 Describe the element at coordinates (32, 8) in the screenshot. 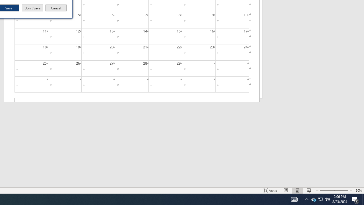

I see `'Don'` at that location.